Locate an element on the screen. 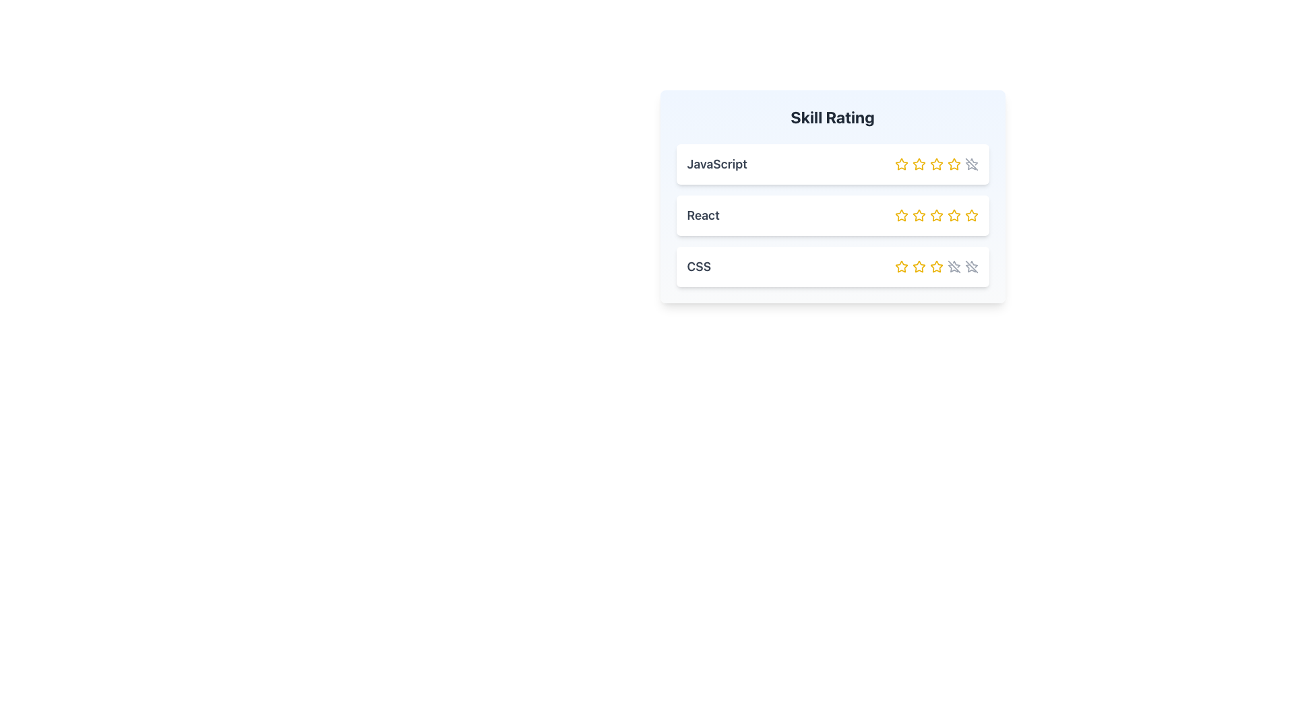 This screenshot has height=728, width=1294. interaction on the second star icon button in the JavaScript skill rating row of the rating widget is located at coordinates (918, 163).